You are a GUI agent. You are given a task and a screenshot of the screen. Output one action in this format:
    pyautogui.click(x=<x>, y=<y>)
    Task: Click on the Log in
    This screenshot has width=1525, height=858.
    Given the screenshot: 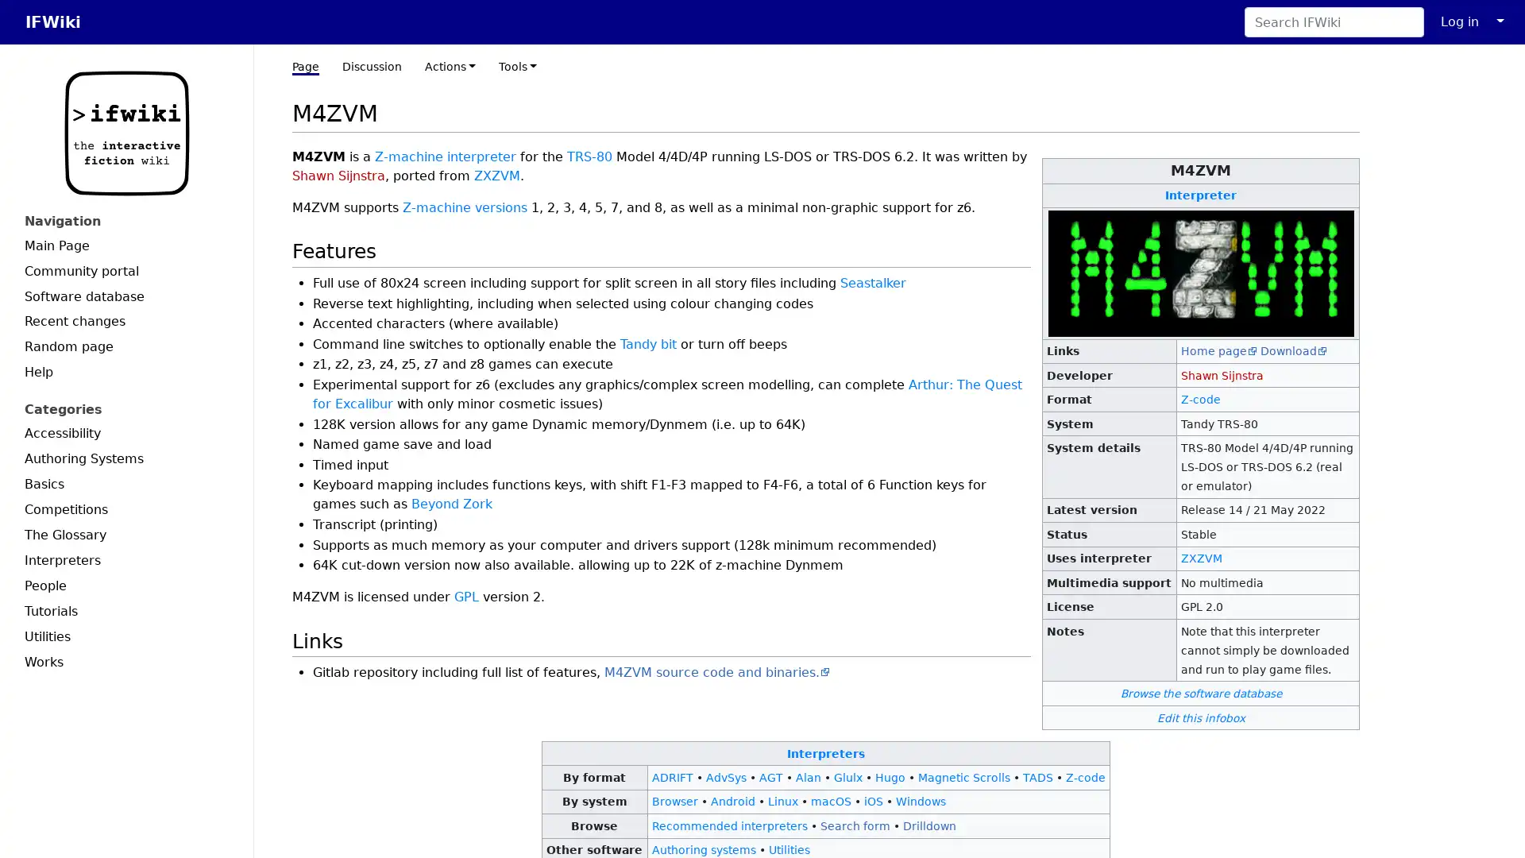 What is the action you would take?
    pyautogui.click(x=1460, y=21)
    